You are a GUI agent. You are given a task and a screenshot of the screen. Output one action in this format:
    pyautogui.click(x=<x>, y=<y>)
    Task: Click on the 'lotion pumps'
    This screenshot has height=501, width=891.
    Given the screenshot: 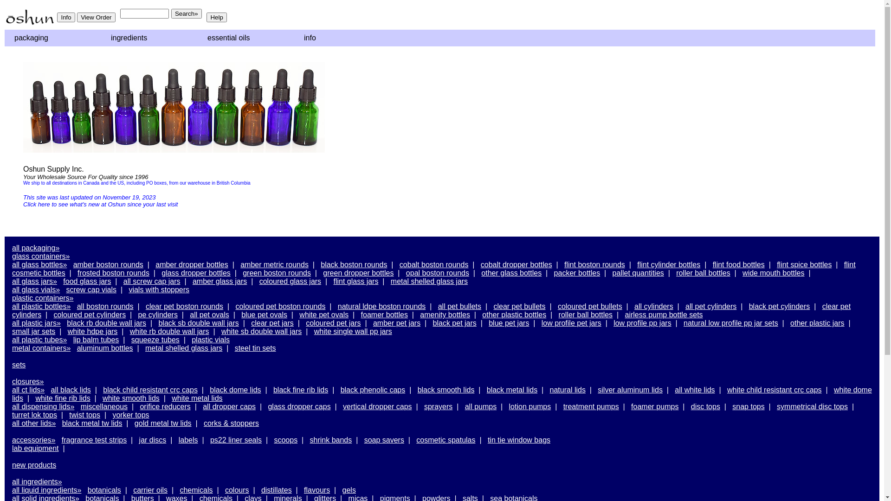 What is the action you would take?
    pyautogui.click(x=530, y=406)
    